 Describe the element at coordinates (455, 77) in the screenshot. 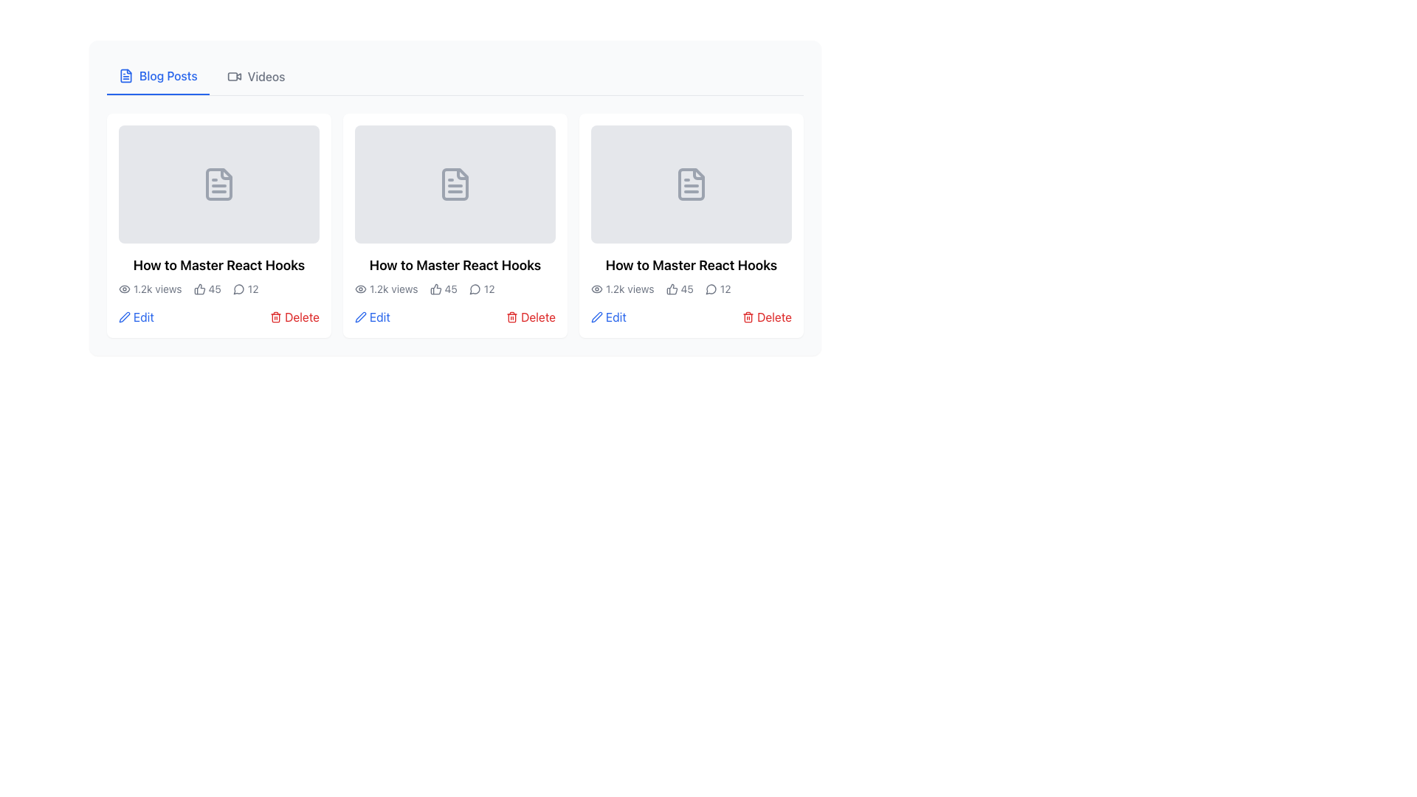

I see `the 'Videos' tab in the Tab navigation bar located at the top of the primary content area, which allows users to switch between viewing blog posts or videos` at that location.